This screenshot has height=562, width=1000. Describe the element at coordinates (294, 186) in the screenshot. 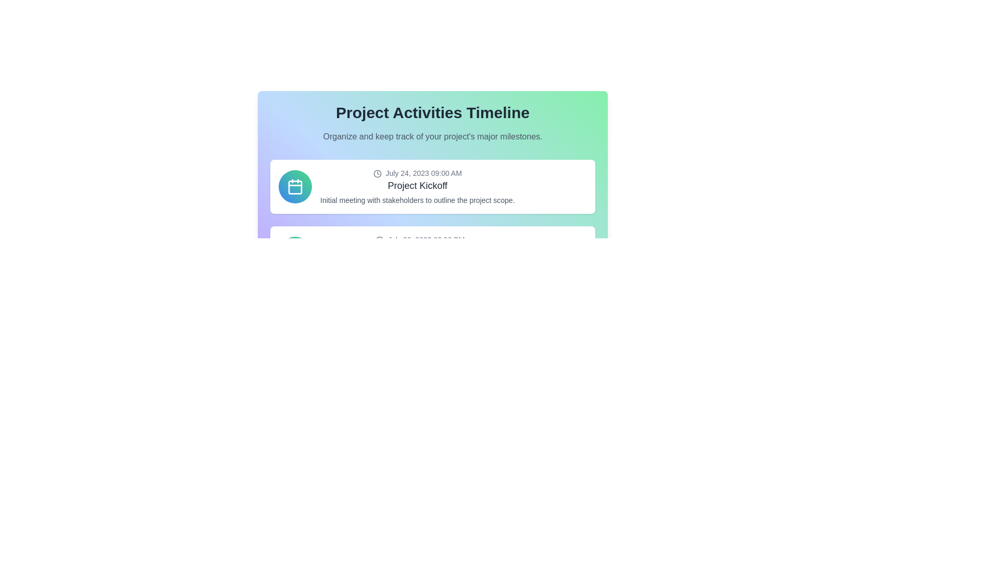

I see `the calendar icon which is a minimalist design featuring a white outline on a blue-green gradient background, located towards the left side of a larger timeline entry` at that location.